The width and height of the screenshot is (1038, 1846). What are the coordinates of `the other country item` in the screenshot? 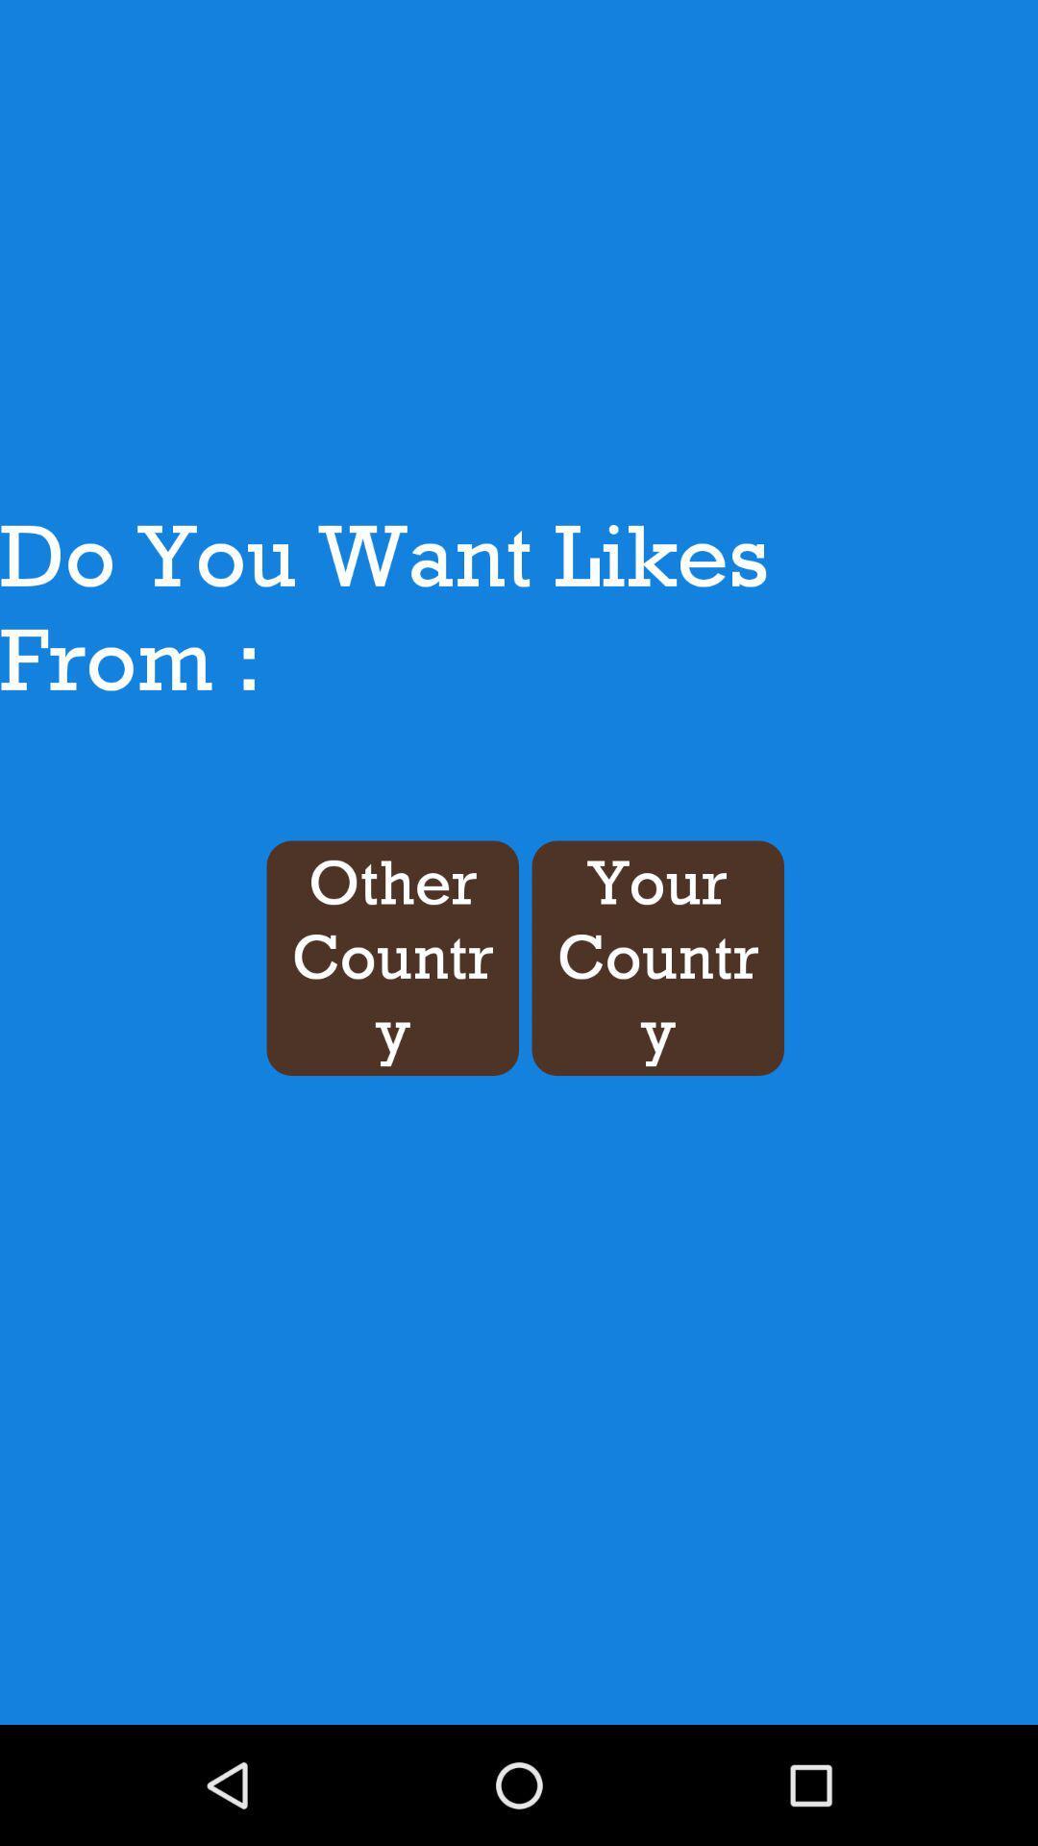 It's located at (391, 958).